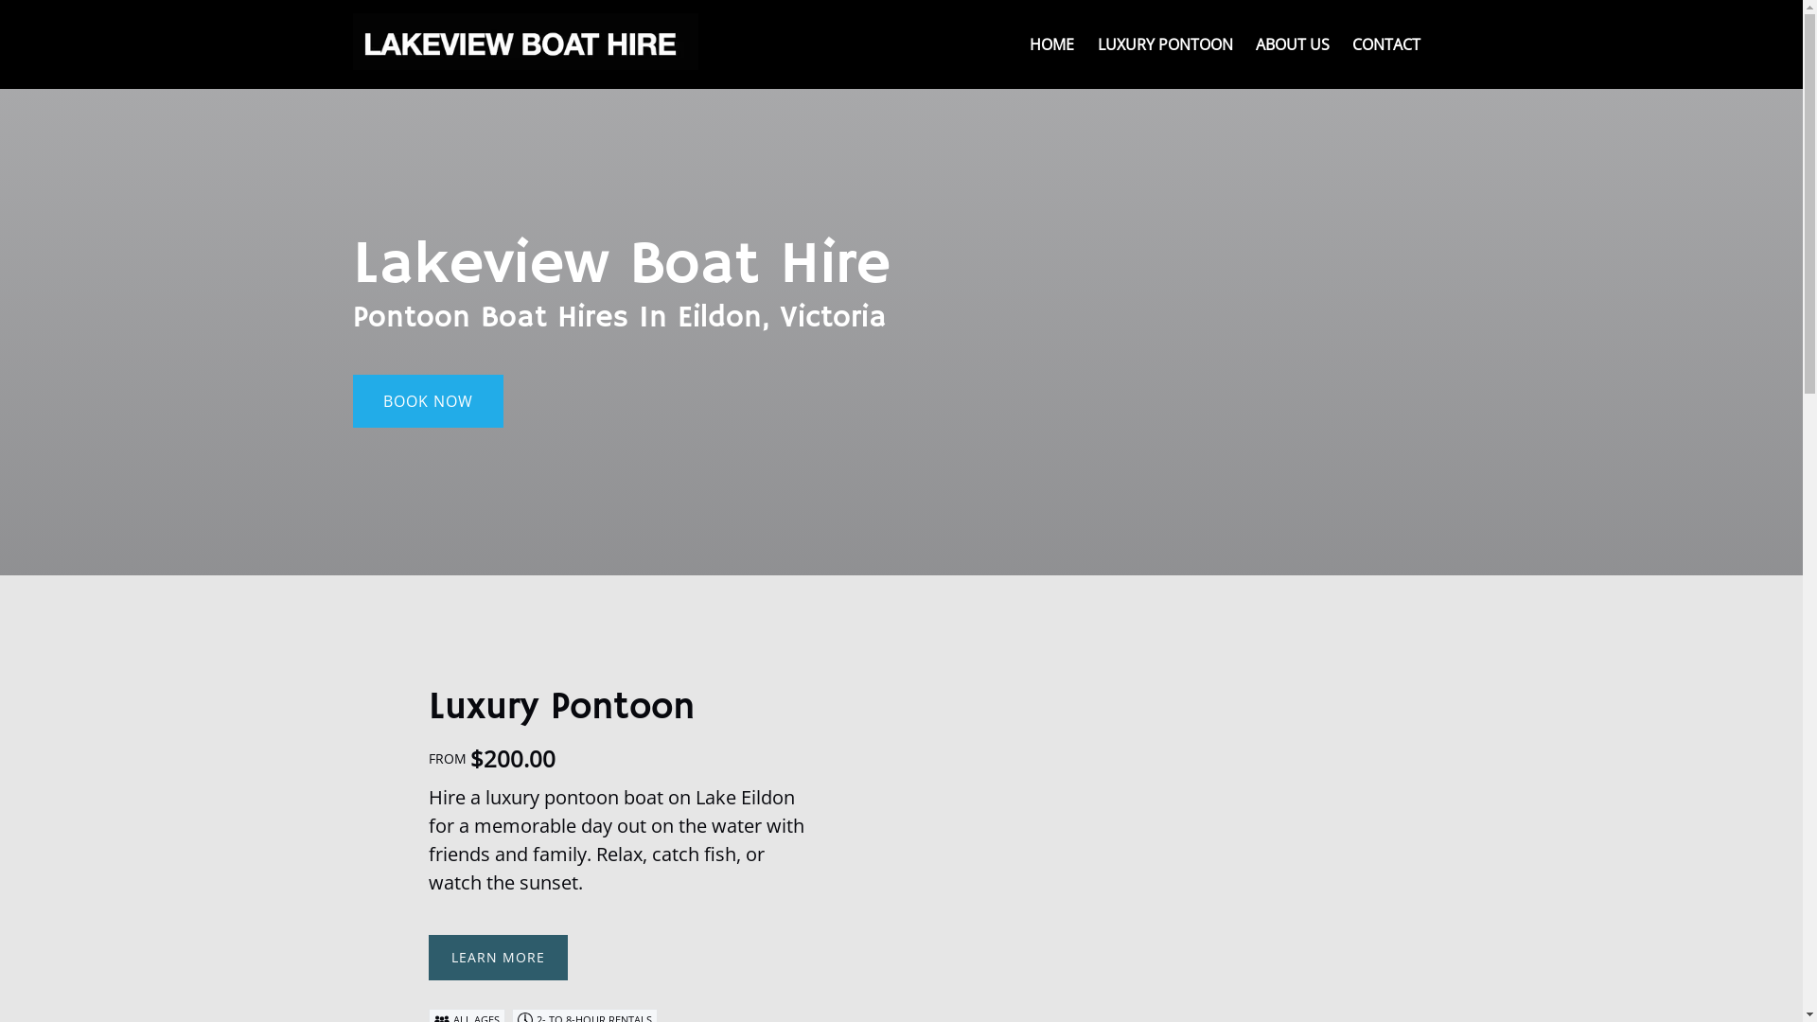 This screenshot has width=1817, height=1022. What do you see at coordinates (63, 21) in the screenshot?
I see `'Skip to content'` at bounding box center [63, 21].